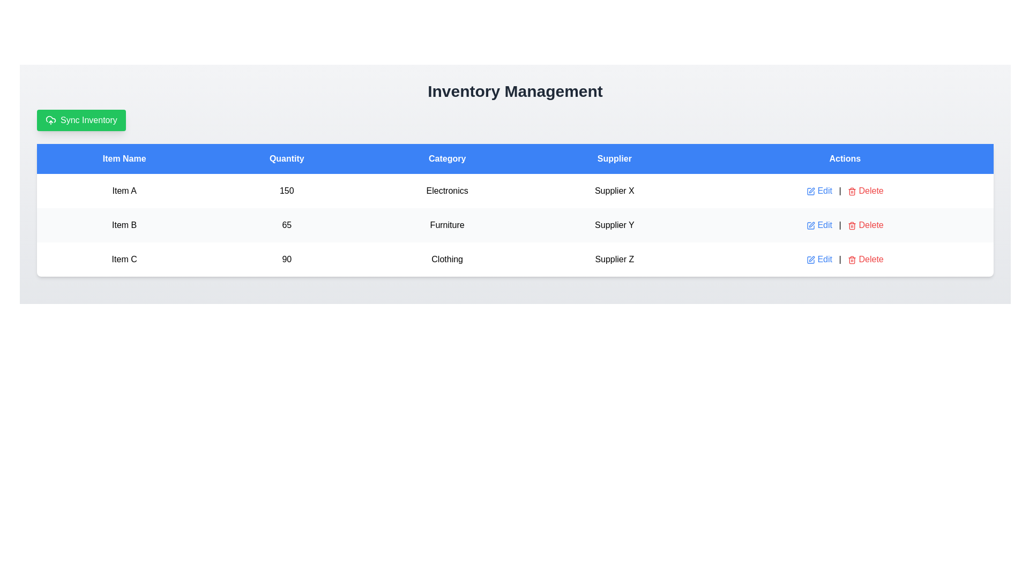 Image resolution: width=1029 pixels, height=578 pixels. Describe the element at coordinates (447, 191) in the screenshot. I see `the static text element containing the word 'Electronics' located in the third column of the first data row under the 'Category' header` at that location.